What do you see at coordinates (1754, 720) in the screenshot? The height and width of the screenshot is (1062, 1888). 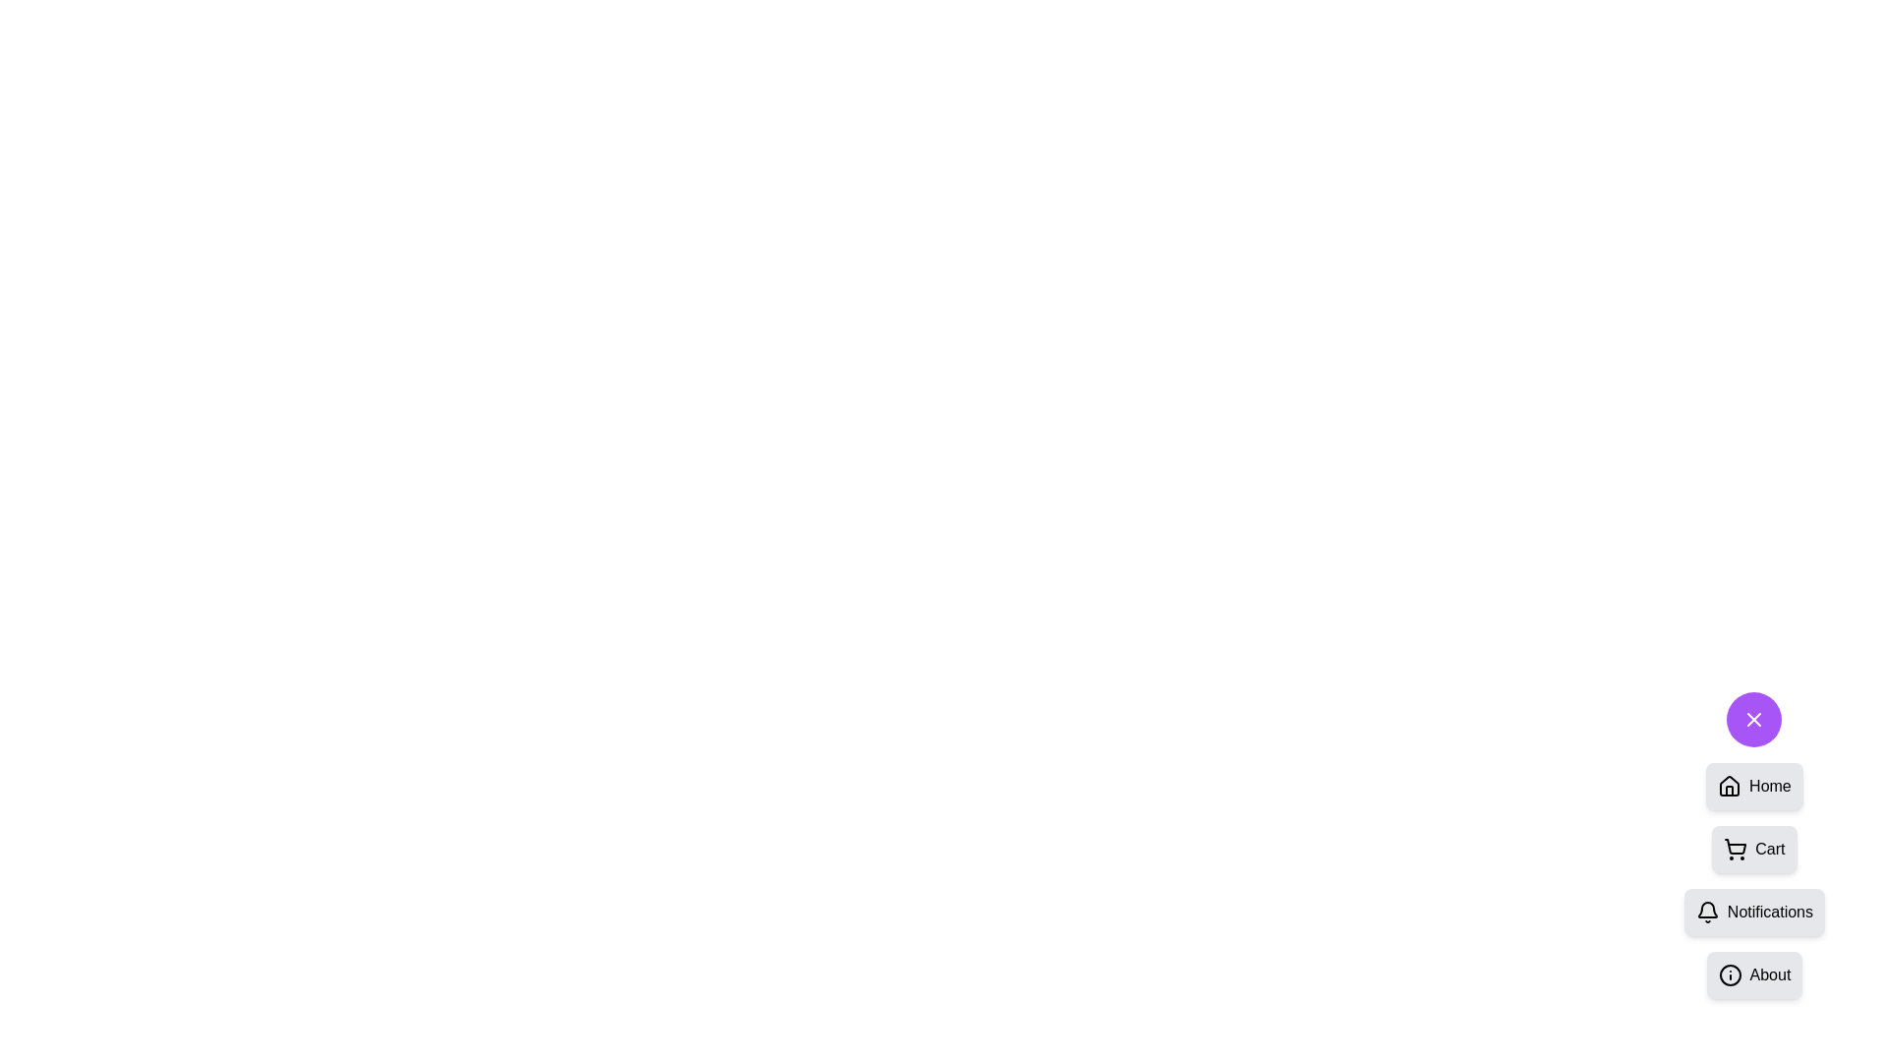 I see `the purple button to toggle the SpeedDial visibility` at bounding box center [1754, 720].